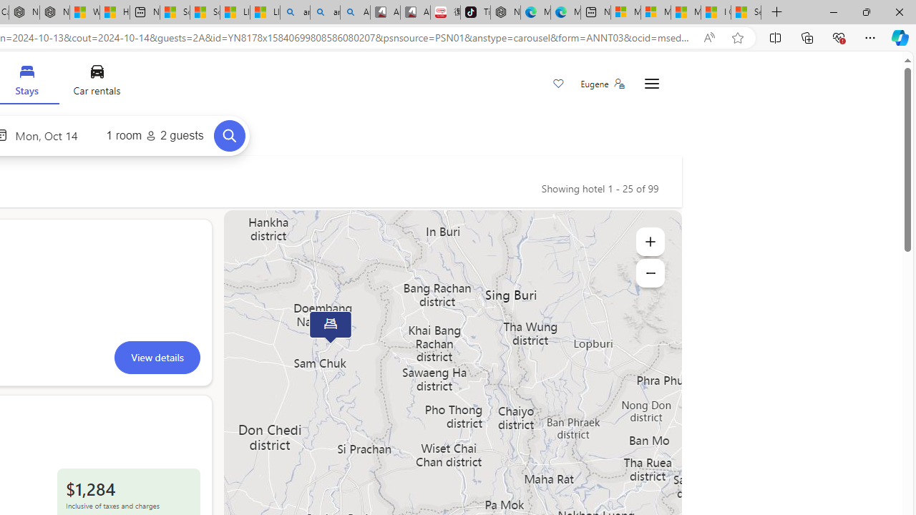 The width and height of the screenshot is (916, 515). Describe the element at coordinates (602, 84) in the screenshot. I see `'Eugene'` at that location.